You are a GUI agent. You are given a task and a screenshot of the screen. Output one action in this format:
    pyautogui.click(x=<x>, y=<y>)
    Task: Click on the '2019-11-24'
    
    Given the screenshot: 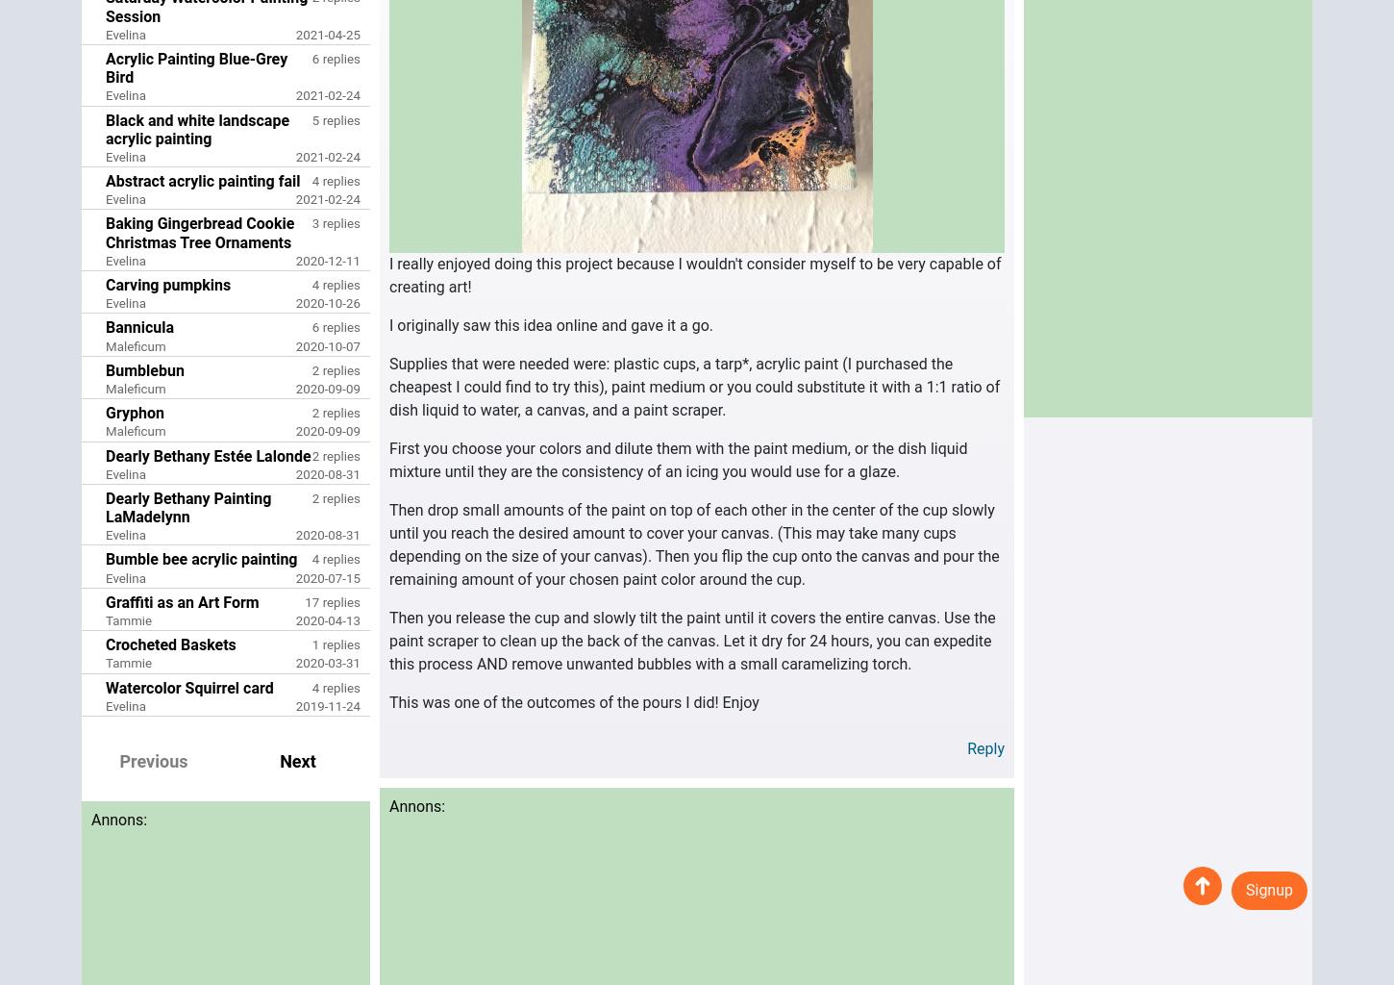 What is the action you would take?
    pyautogui.click(x=294, y=704)
    